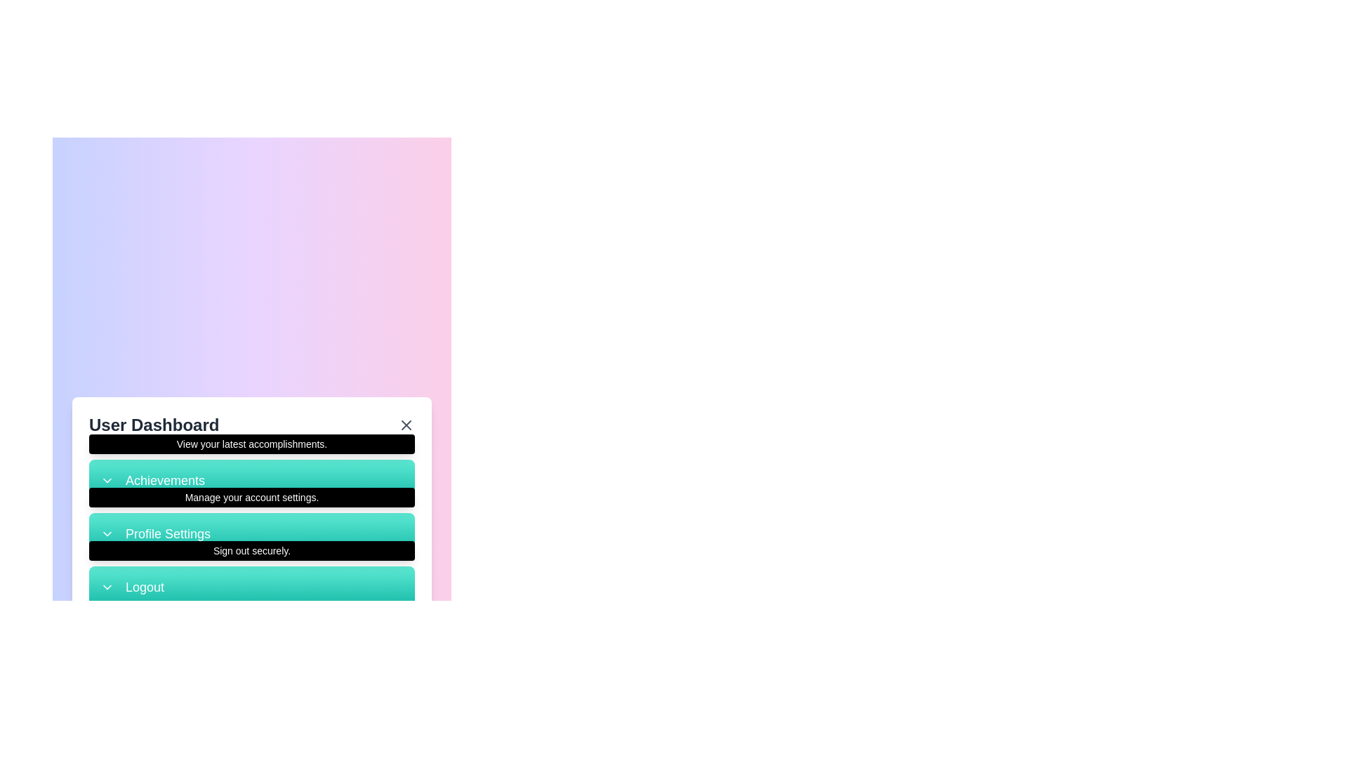 The height and width of the screenshot is (758, 1348). Describe the element at coordinates (252, 587) in the screenshot. I see `the logout button located at the bottom of the vertically stacked buttons in the user dashboard section` at that location.